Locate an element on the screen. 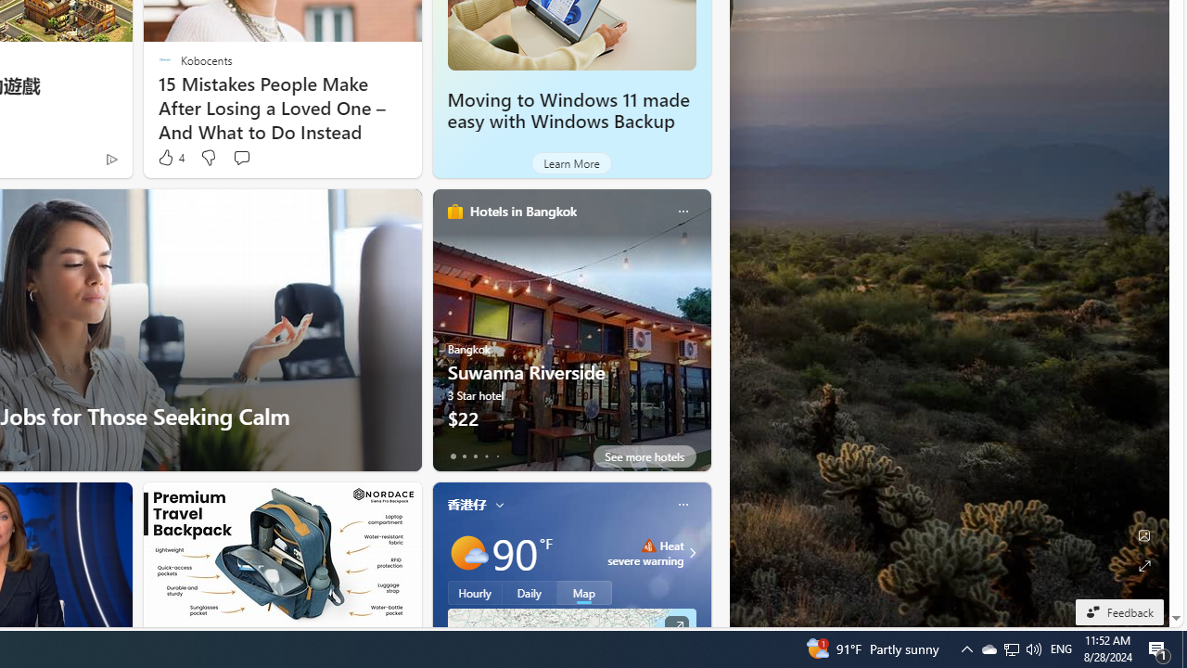  'Start the conversation' is located at coordinates (240, 156).